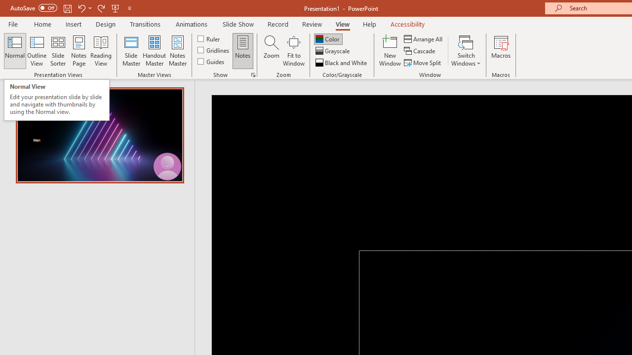  What do you see at coordinates (271, 51) in the screenshot?
I see `'Zoom...'` at bounding box center [271, 51].